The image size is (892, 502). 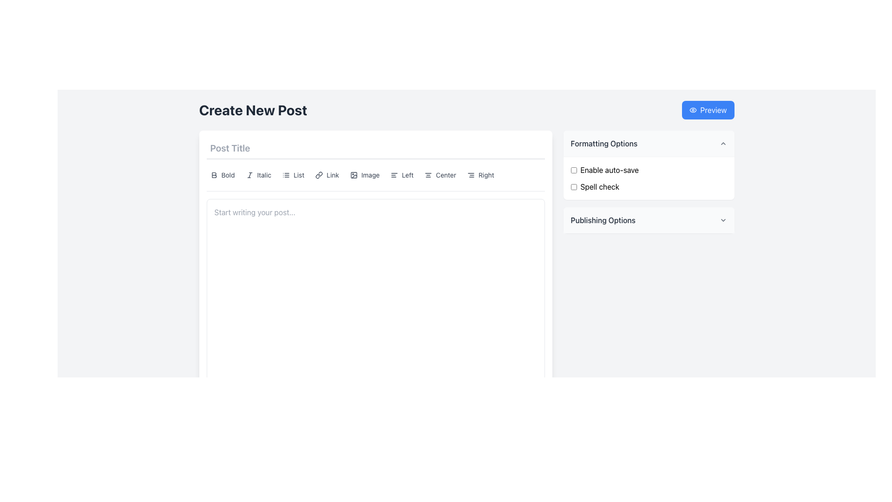 What do you see at coordinates (213, 175) in the screenshot?
I see `the Icon button in the formatting tools toolbar` at bounding box center [213, 175].